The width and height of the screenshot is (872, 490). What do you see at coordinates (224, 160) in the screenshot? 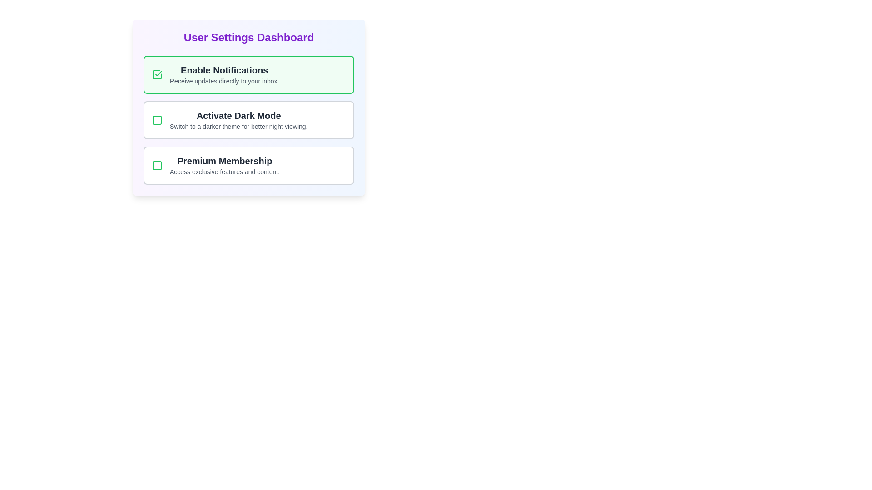
I see `the 'Premium Membership' text label, which is displayed in a large bold font and is located under the 'Activate Dark Mode' section, serving as a prominent title` at bounding box center [224, 160].